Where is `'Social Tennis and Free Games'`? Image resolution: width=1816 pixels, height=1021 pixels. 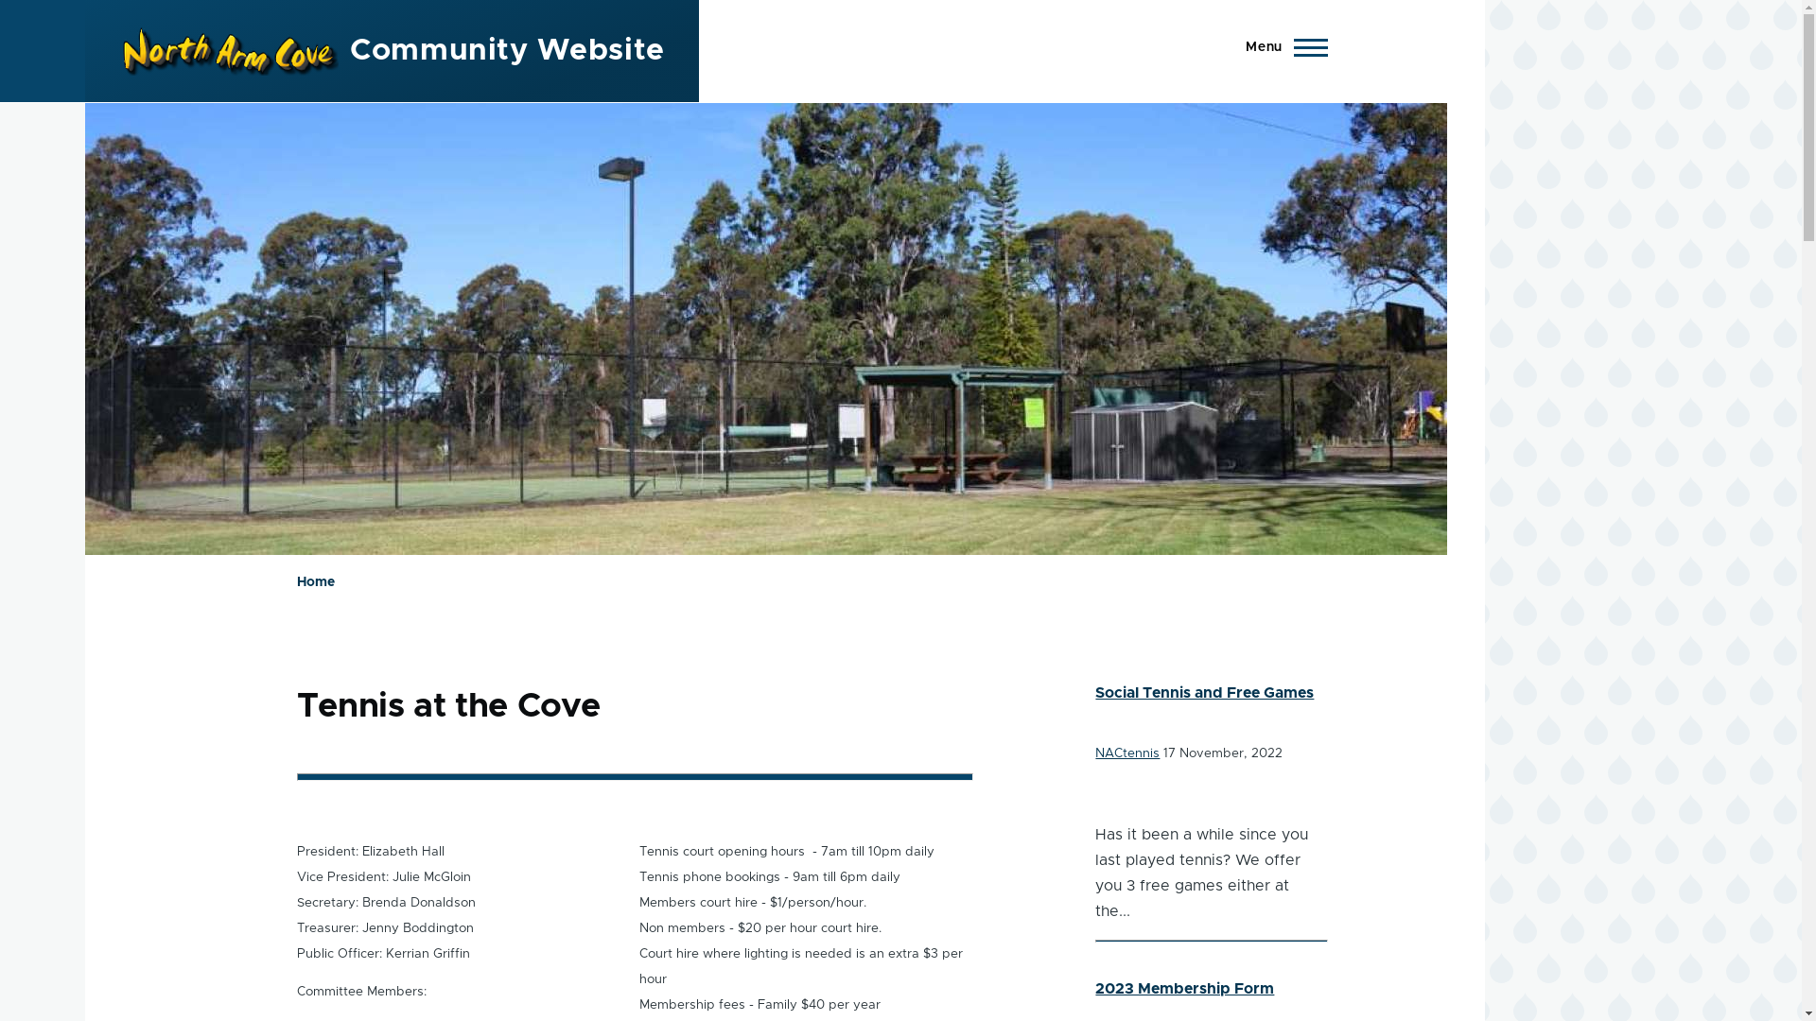
'Social Tennis and Free Games' is located at coordinates (1203, 692).